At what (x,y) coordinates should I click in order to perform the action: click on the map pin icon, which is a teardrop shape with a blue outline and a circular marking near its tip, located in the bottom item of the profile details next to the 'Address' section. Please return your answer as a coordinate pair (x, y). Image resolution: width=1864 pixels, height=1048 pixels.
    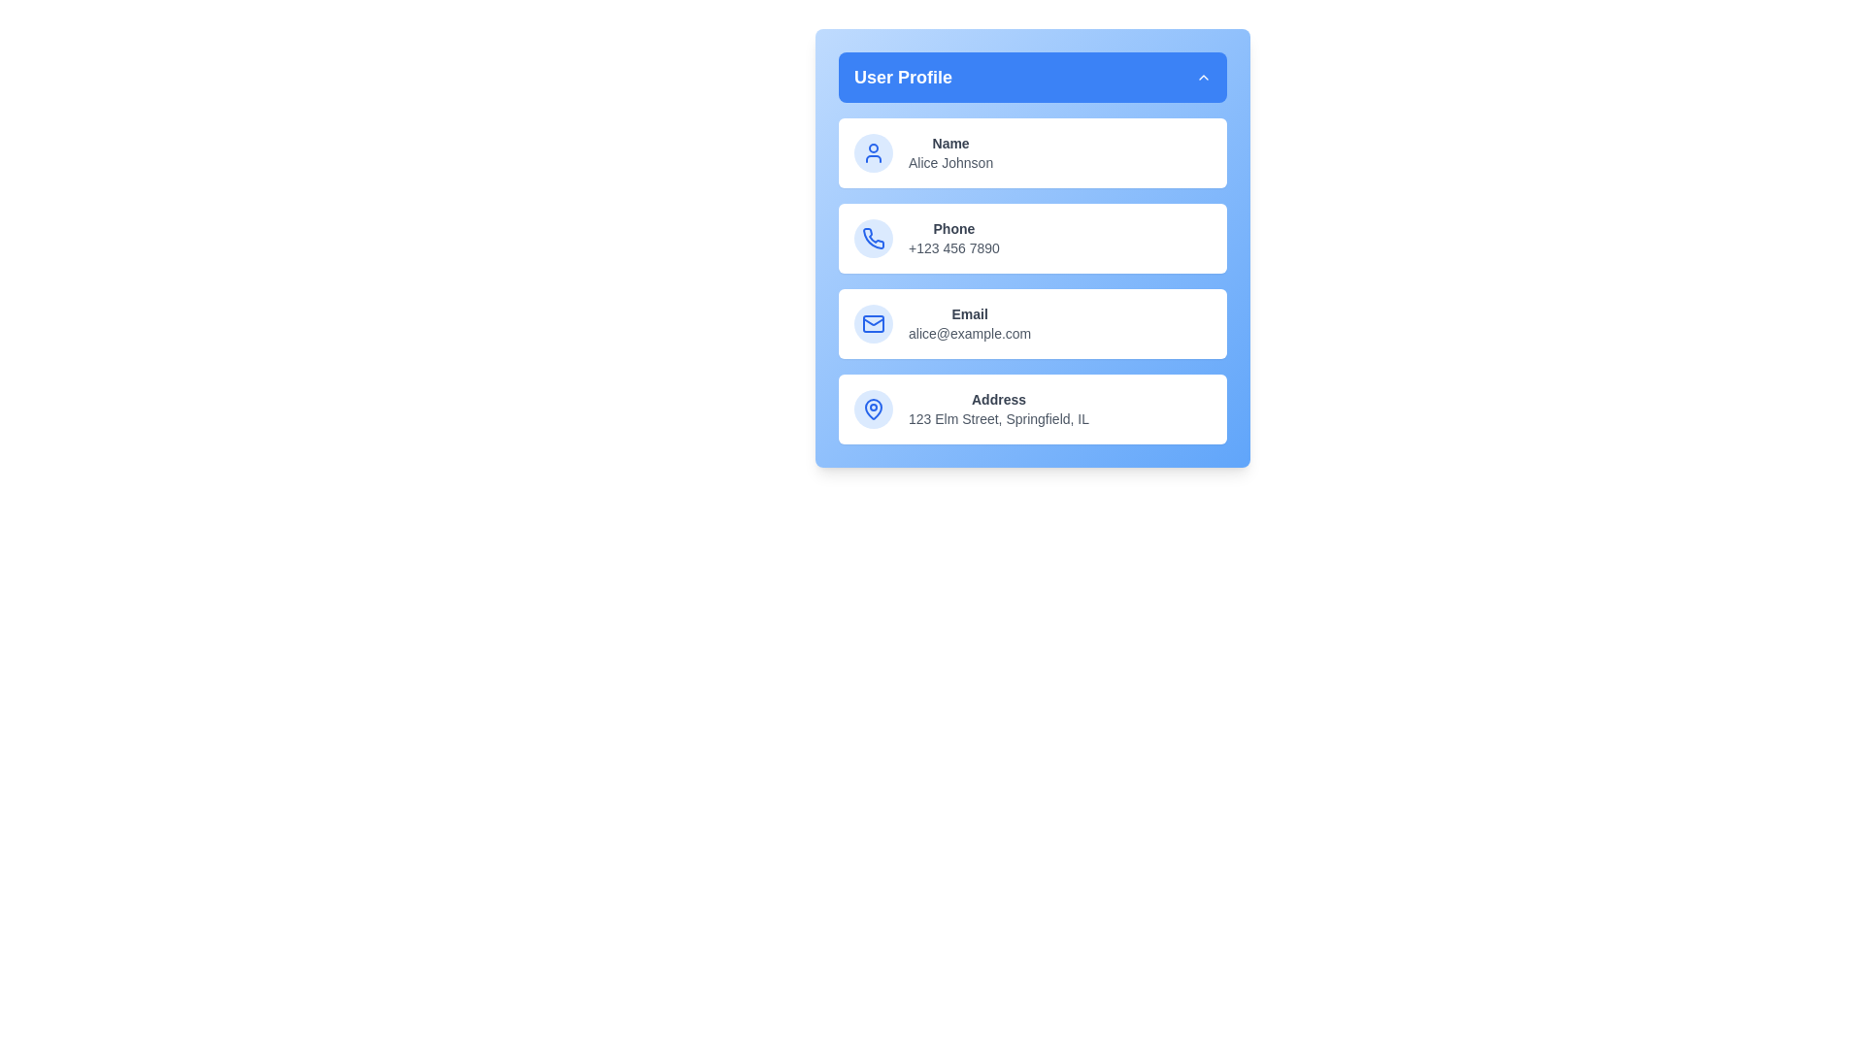
    Looking at the image, I should click on (873, 408).